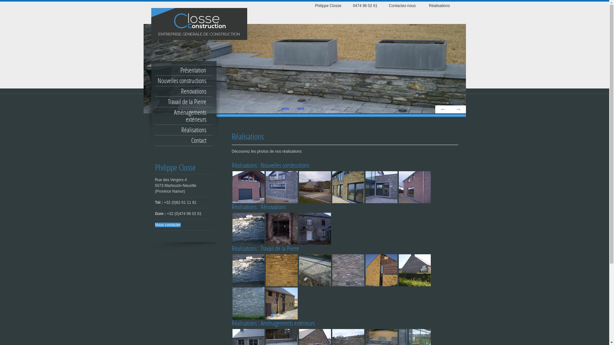  Describe the element at coordinates (183, 80) in the screenshot. I see `'Nouvelles constructions'` at that location.